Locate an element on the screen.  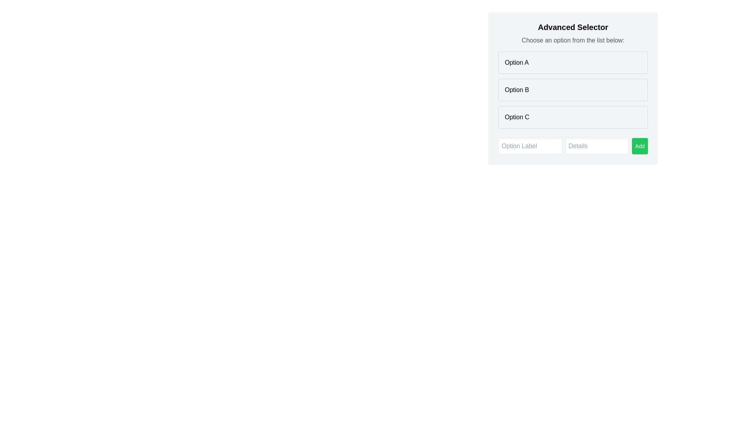
the 'Option B' button located between 'Option A' and 'Option C' is located at coordinates (573, 88).